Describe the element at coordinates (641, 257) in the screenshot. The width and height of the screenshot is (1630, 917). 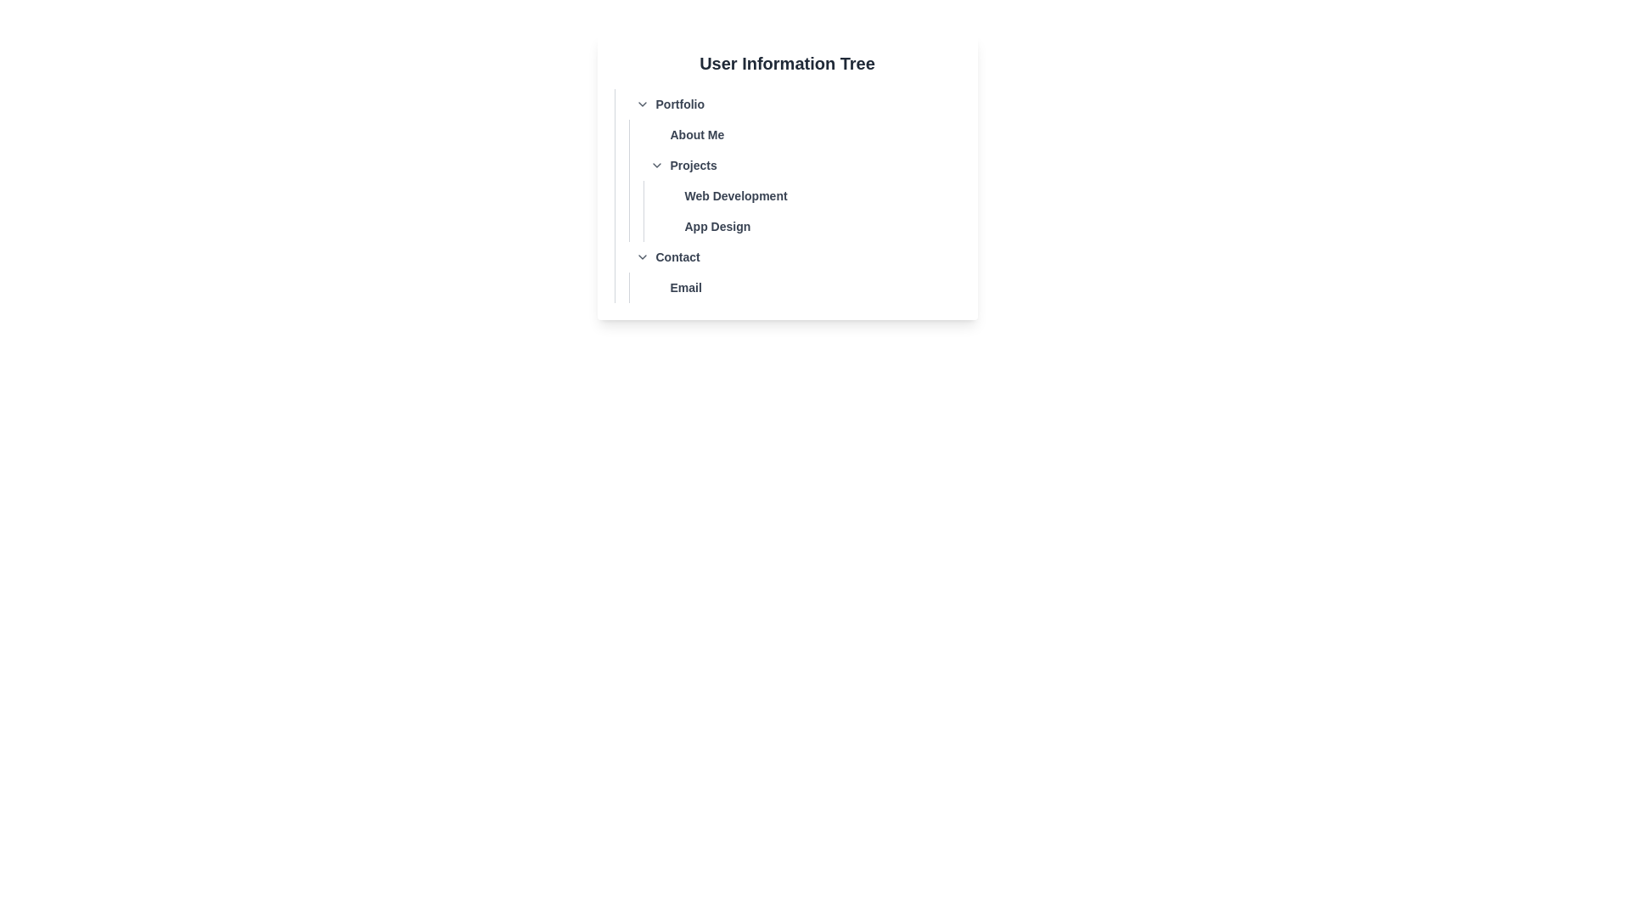
I see `the chevron dropdown indicator icon located to the left of the 'Contact' text` at that location.